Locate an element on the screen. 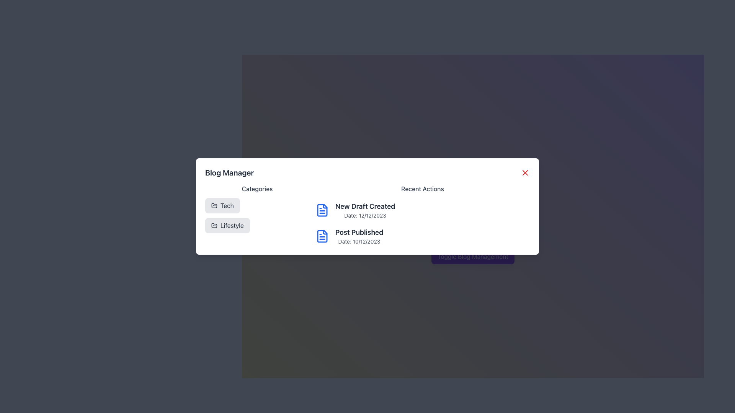 Image resolution: width=735 pixels, height=413 pixels. the rectangular button with rounded corners, purple background, and white text reading 'Toggle Blog Management' to trigger the hover effect is located at coordinates (472, 257).